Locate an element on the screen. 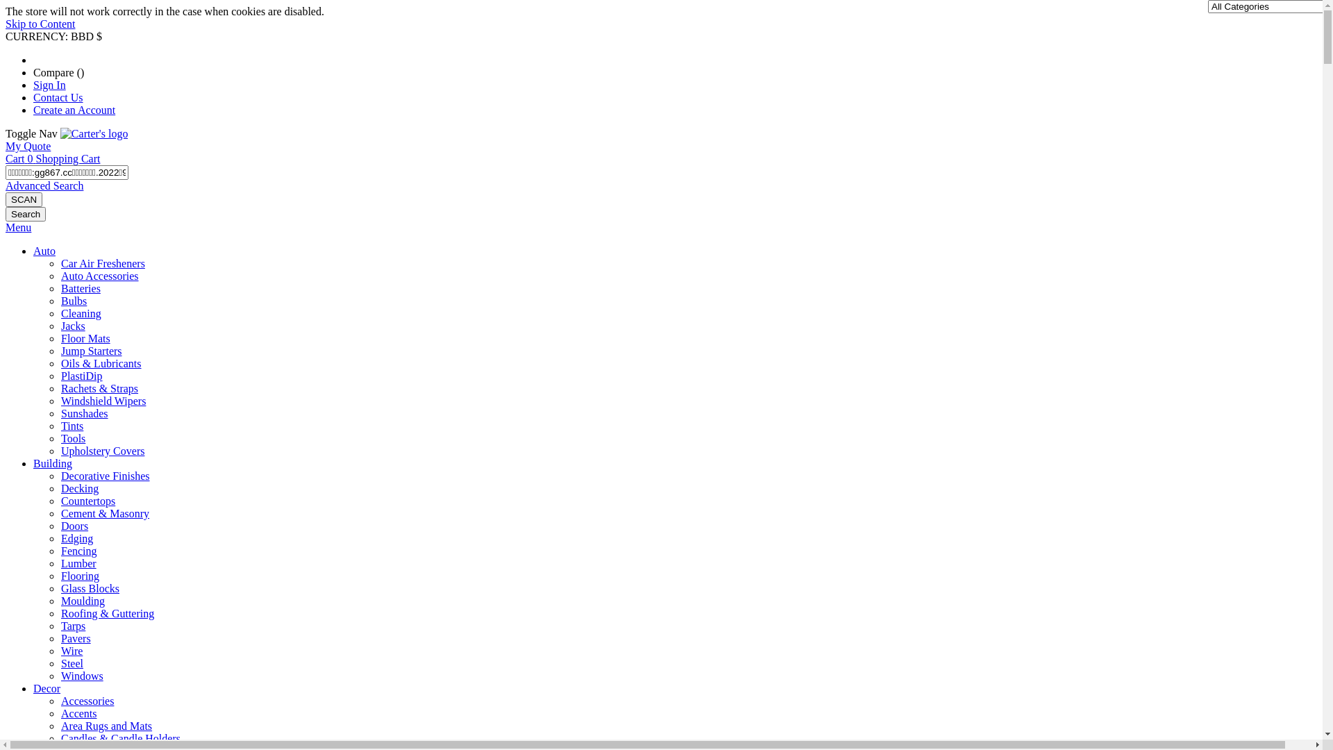  'Steel' is located at coordinates (72, 662).